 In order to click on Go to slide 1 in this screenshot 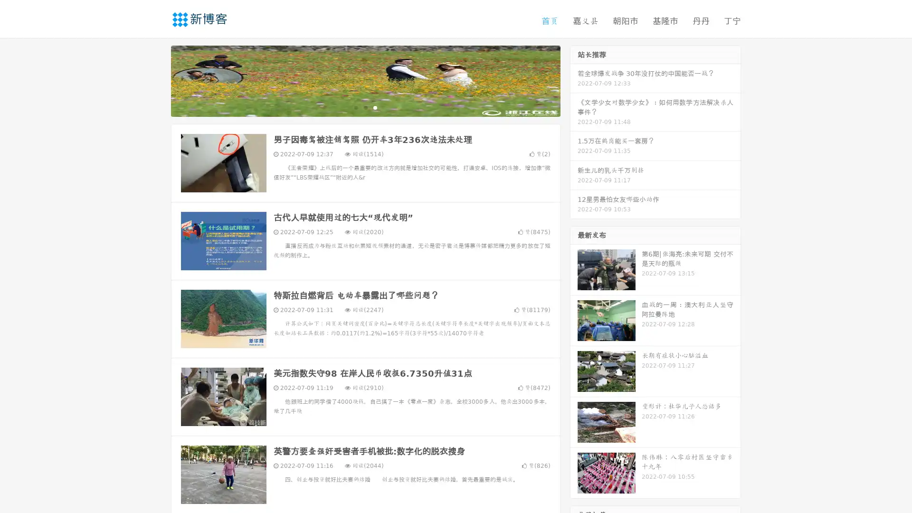, I will do `click(355, 107)`.